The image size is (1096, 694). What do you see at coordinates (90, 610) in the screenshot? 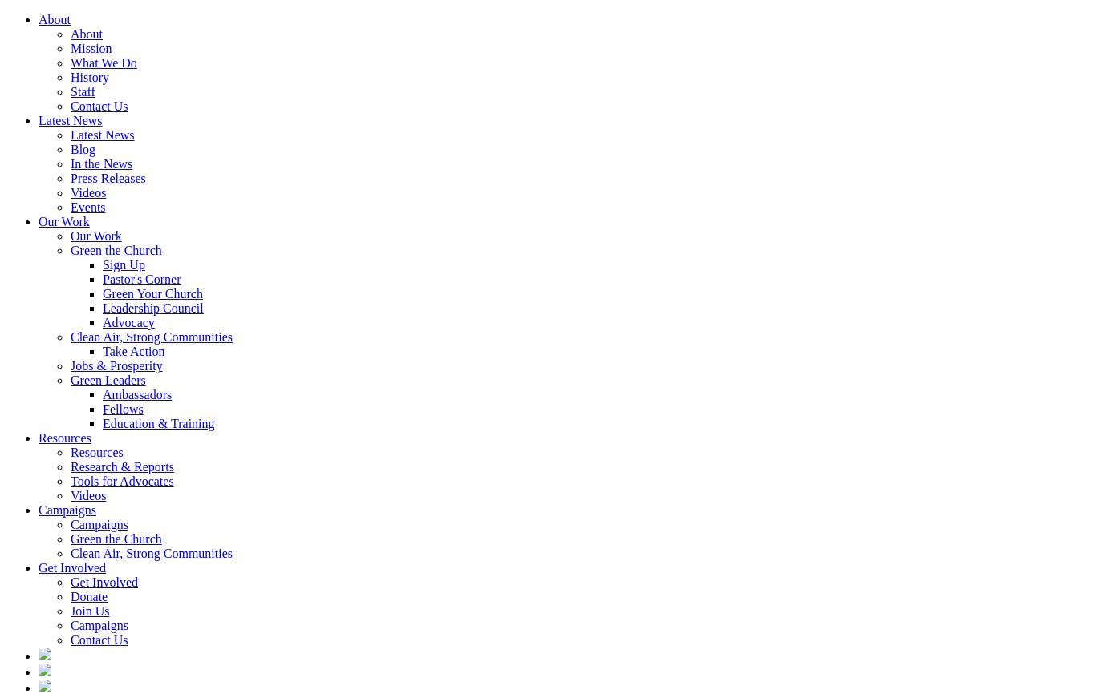
I see `'Join Us'` at bounding box center [90, 610].